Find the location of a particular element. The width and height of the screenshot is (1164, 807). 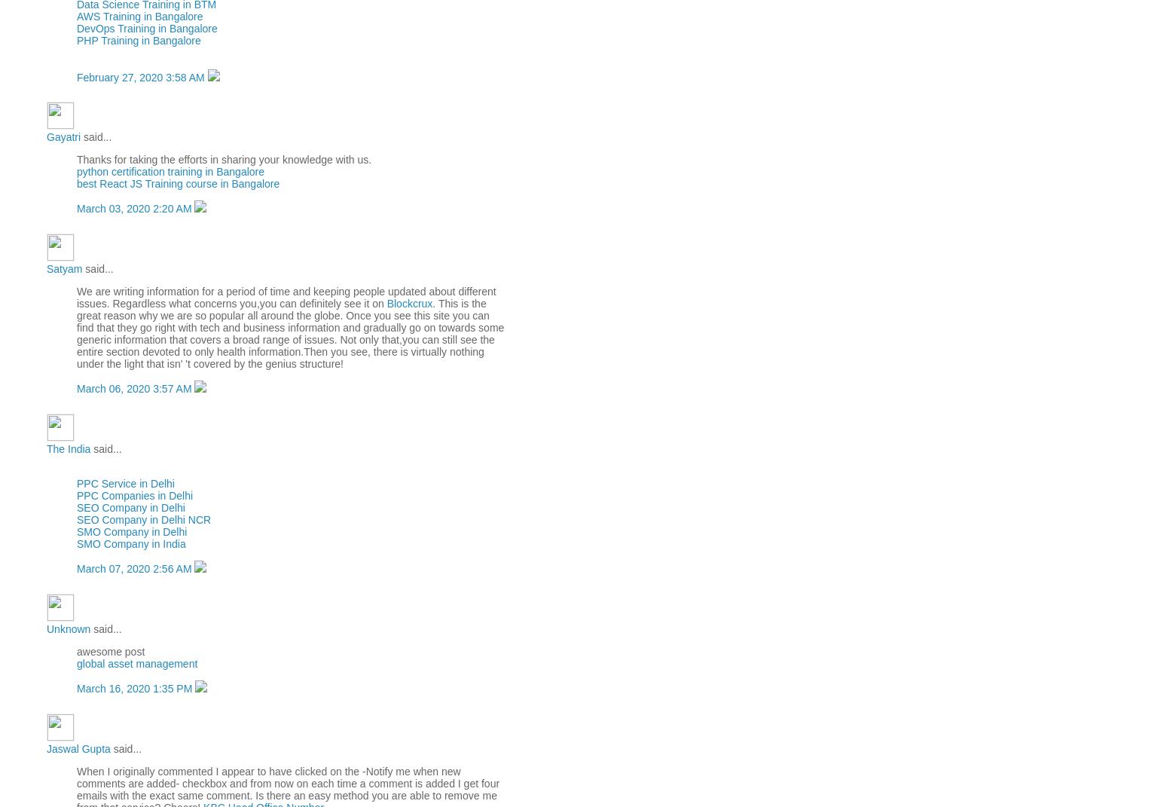

'DevOps Training in Bangalore' is located at coordinates (146, 26).